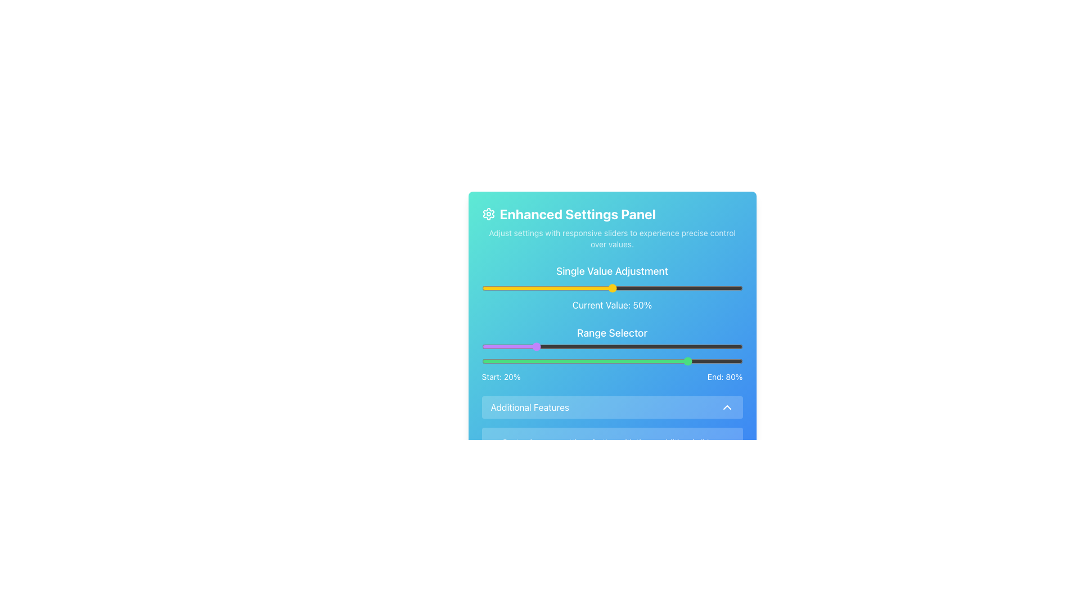 This screenshot has width=1080, height=607. What do you see at coordinates (611, 305) in the screenshot?
I see `text from the text label stating 'Current Value: 50%' which is positioned below the horizontal slider control and the title 'Single Value Adjustment'` at bounding box center [611, 305].